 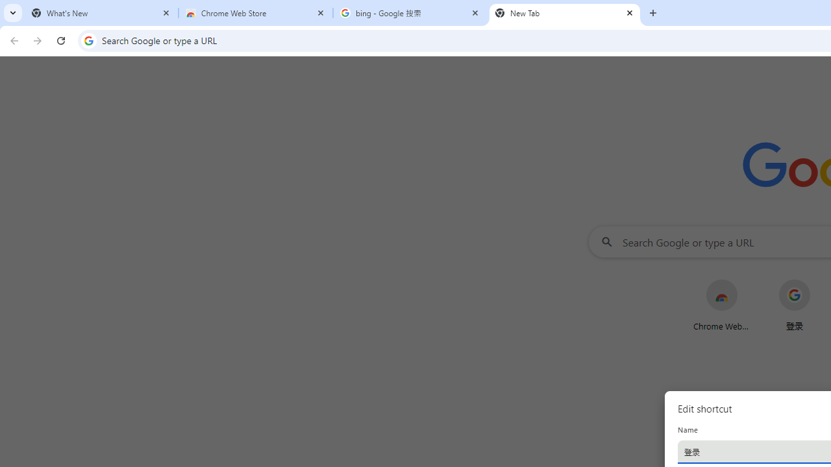 What do you see at coordinates (565, 13) in the screenshot?
I see `'New Tab'` at bounding box center [565, 13].